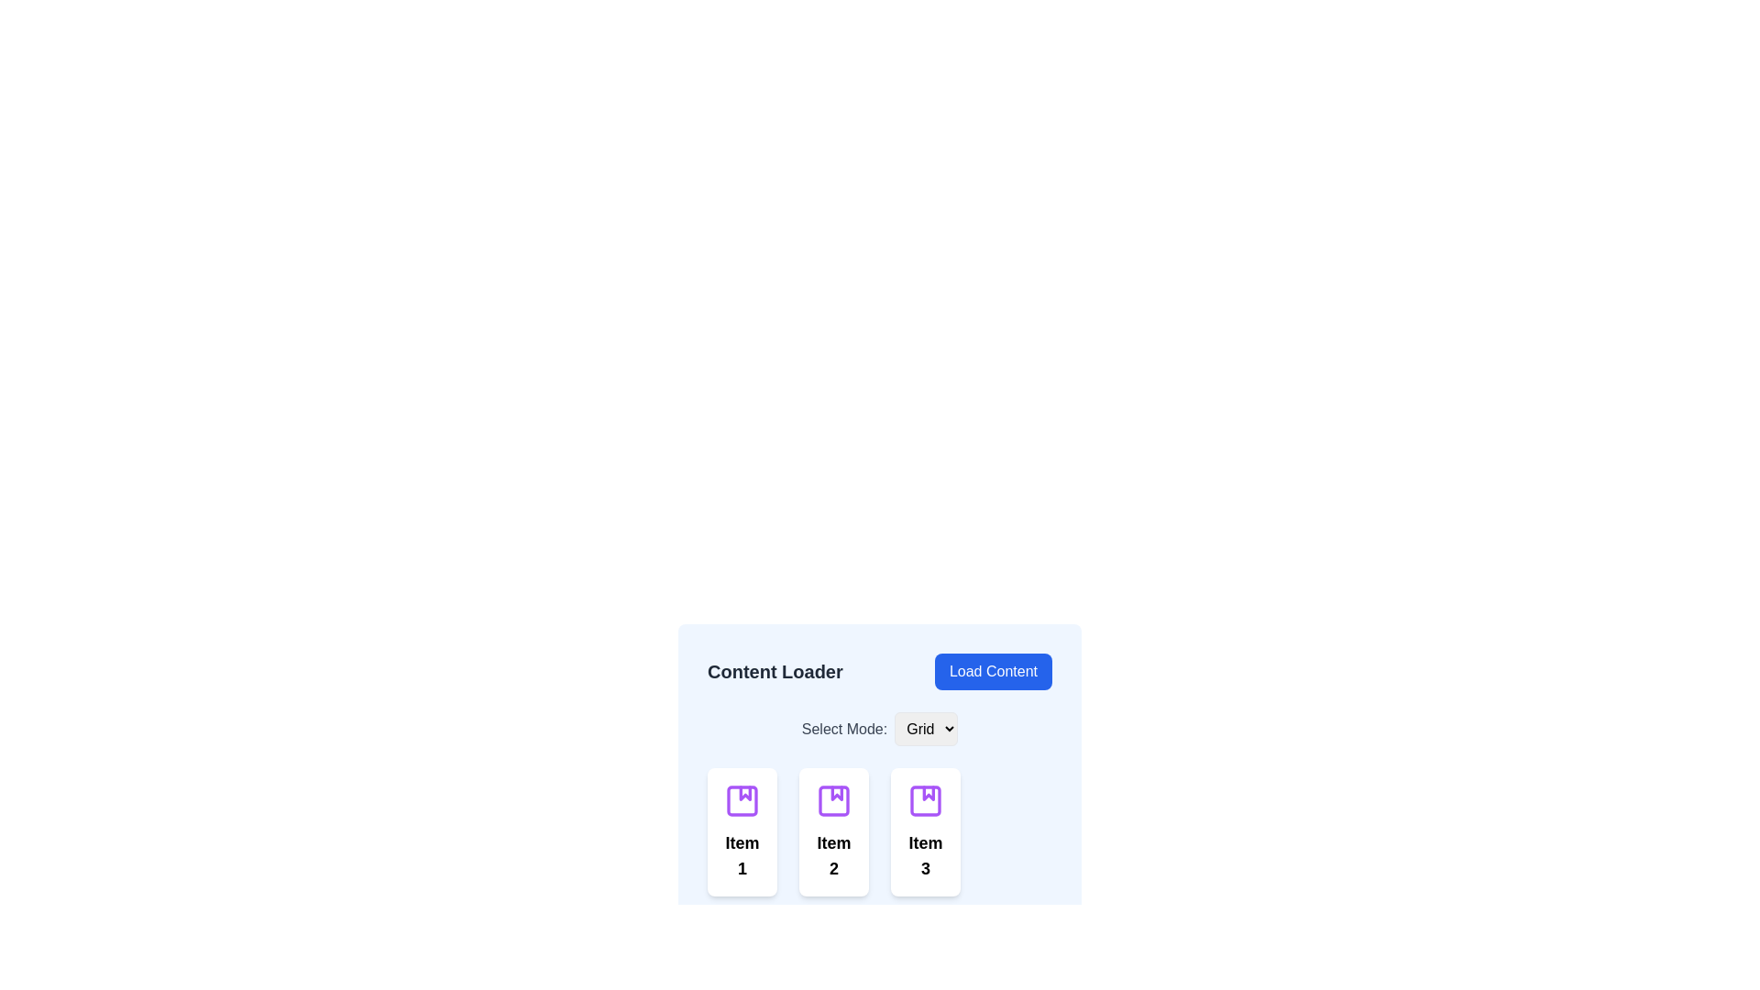 This screenshot has width=1760, height=990. Describe the element at coordinates (843, 728) in the screenshot. I see `the static text label 'Select Mode:' which indicates the adjacent dropdown menu for mode selection` at that location.